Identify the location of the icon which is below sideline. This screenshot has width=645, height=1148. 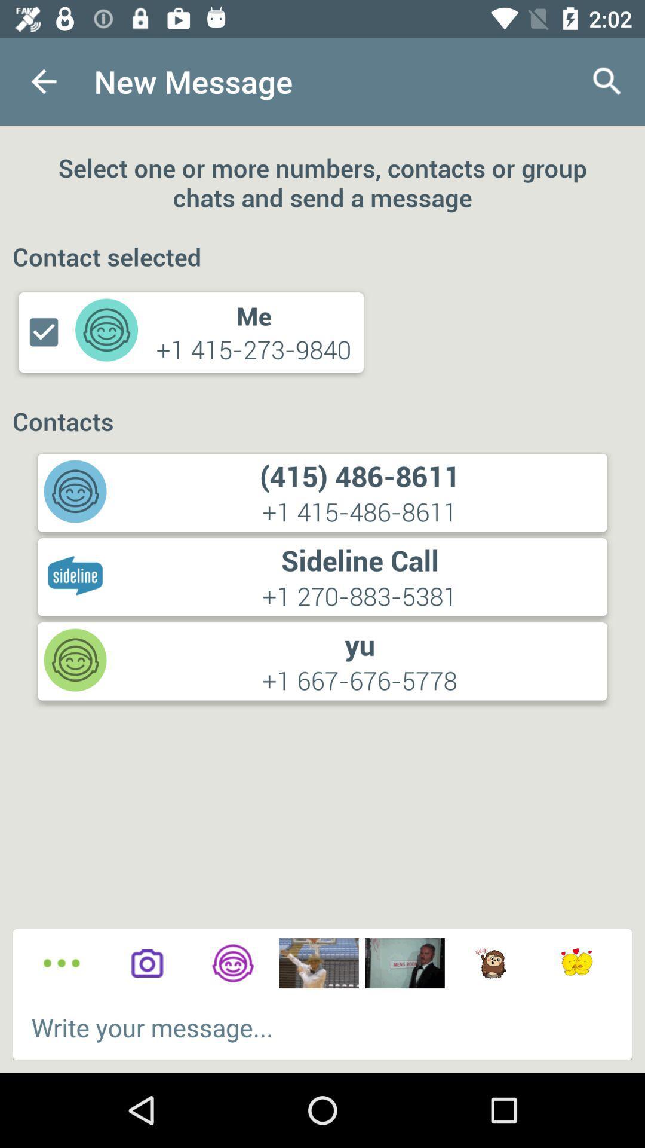
(75, 660).